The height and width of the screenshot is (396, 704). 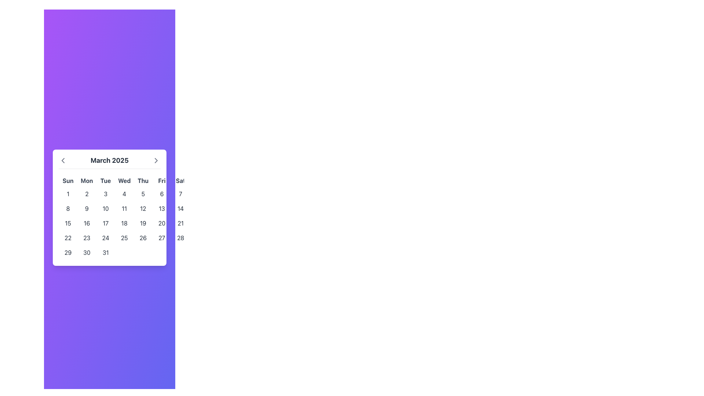 What do you see at coordinates (87, 252) in the screenshot?
I see `the clickable calendar day displaying '30', located between the text elements '29' and '31'` at bounding box center [87, 252].